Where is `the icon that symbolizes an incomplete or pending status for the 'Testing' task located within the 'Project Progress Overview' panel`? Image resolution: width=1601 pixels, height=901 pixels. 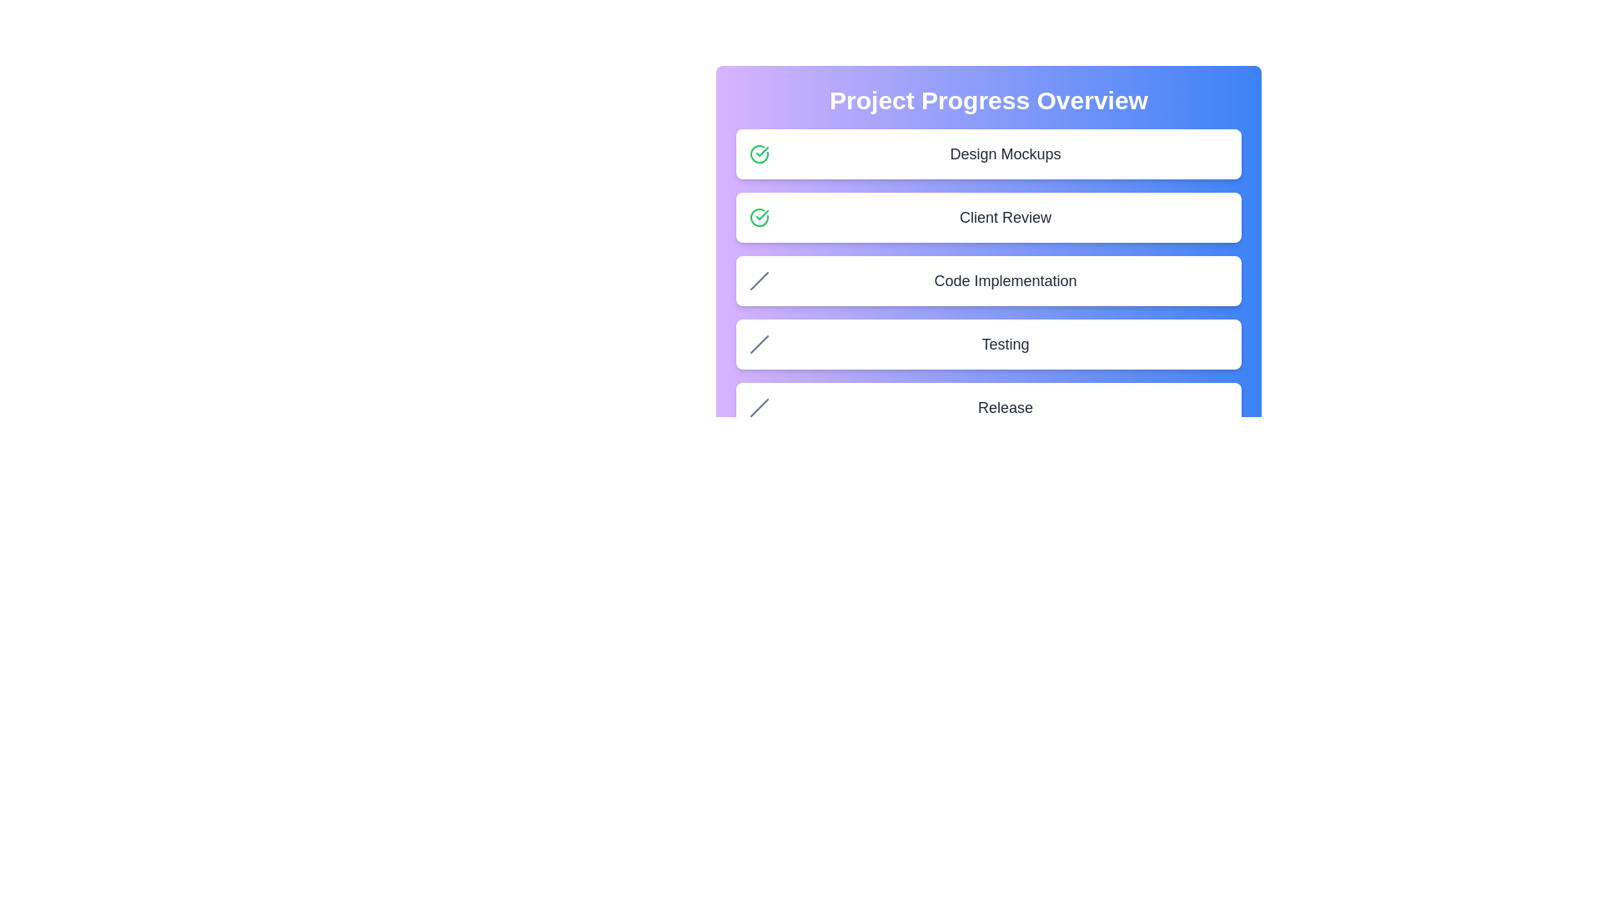 the icon that symbolizes an incomplete or pending status for the 'Testing' task located within the 'Project Progress Overview' panel is located at coordinates (759, 343).